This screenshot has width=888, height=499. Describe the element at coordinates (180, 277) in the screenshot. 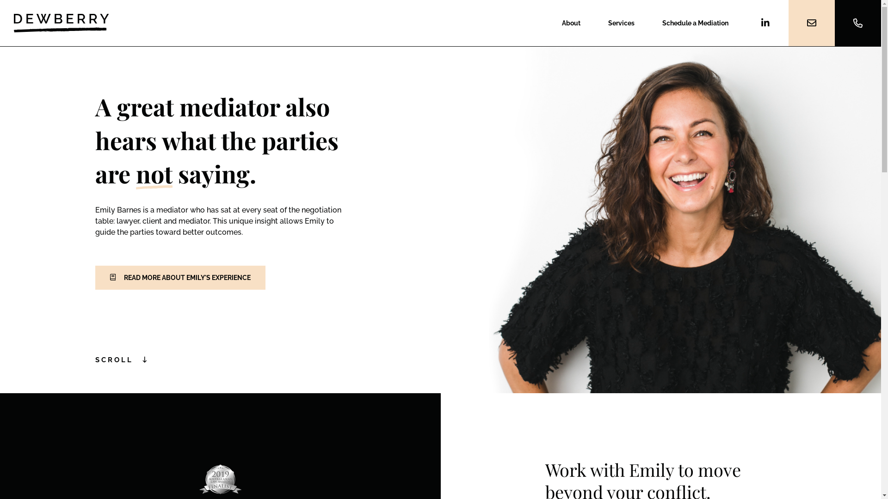

I see `'READ MORE ABOUT EMILY'S EXPERIENCE'` at that location.